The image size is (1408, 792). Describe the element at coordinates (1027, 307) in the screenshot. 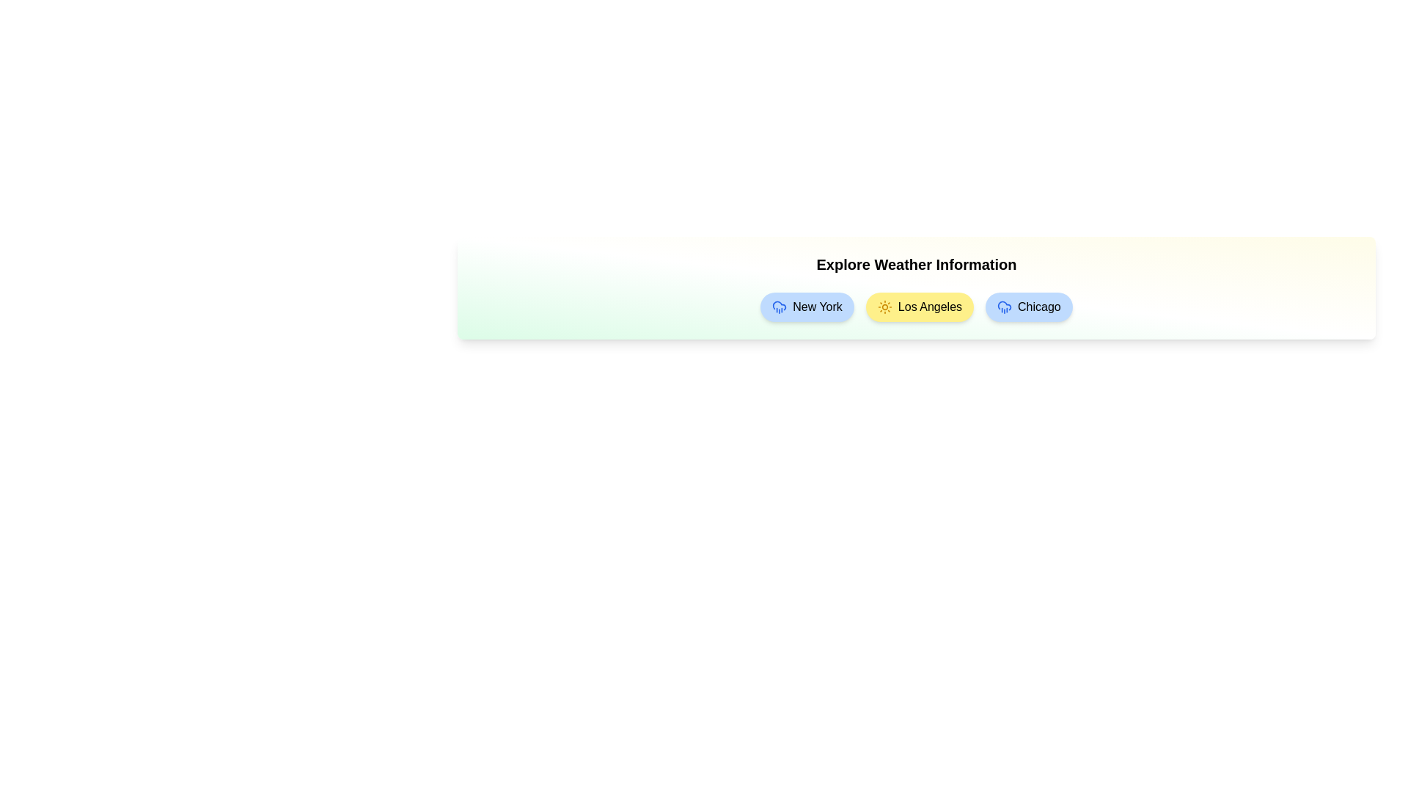

I see `the weather chip labeled Chicago` at that location.